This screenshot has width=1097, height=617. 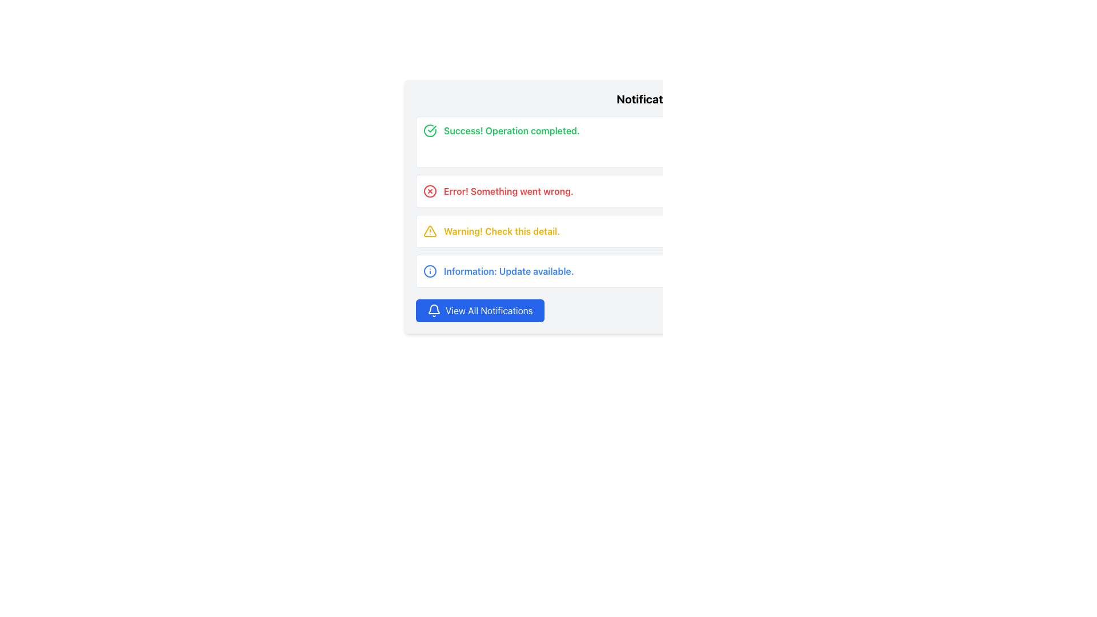 What do you see at coordinates (508, 271) in the screenshot?
I see `the Text label that provides a notification message about an available update, which is located to the right of the blue circular 'i' icon and to the left of the 'Update' button in the fourth alert row of a notification card` at bounding box center [508, 271].